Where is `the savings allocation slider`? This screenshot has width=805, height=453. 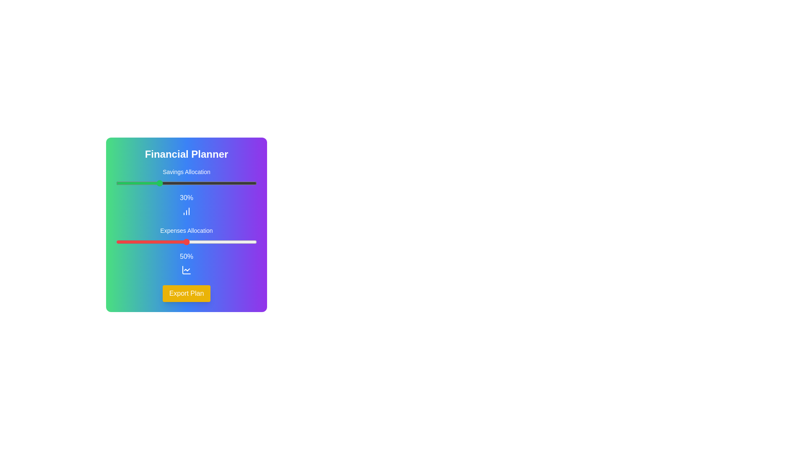
the savings allocation slider is located at coordinates (175, 182).